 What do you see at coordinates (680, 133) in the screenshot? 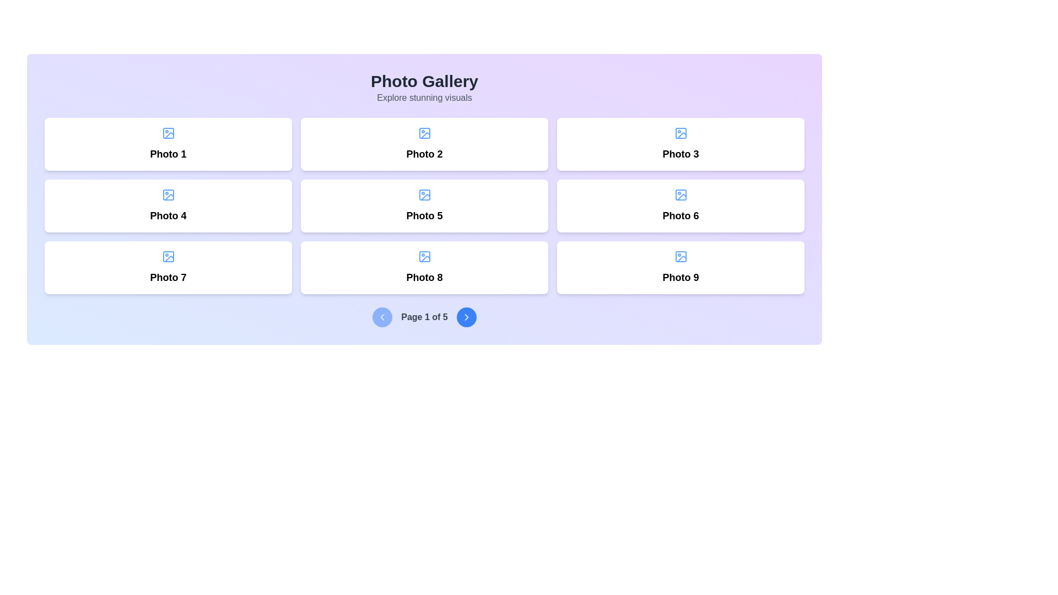
I see `the small blue square icon with rounded corners located in the top-right corner of the 'Photo 3' image placeholder` at bounding box center [680, 133].